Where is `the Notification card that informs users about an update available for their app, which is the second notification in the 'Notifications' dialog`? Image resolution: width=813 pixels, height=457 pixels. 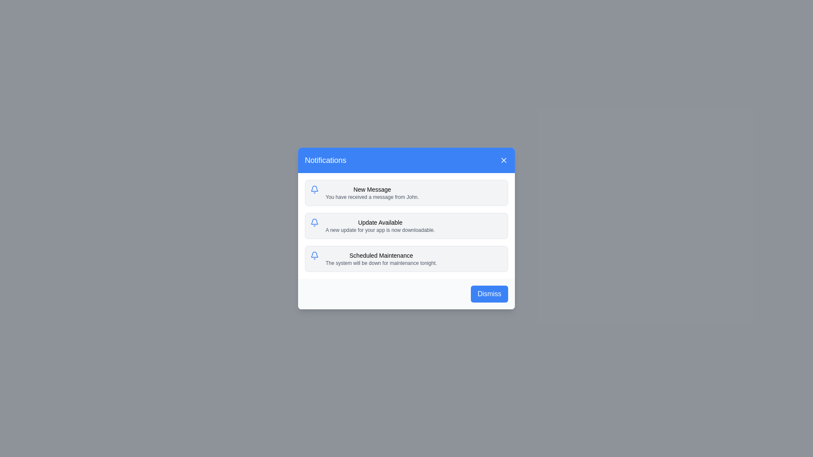
the Notification card that informs users about an update available for their app, which is the second notification in the 'Notifications' dialog is located at coordinates (406, 225).